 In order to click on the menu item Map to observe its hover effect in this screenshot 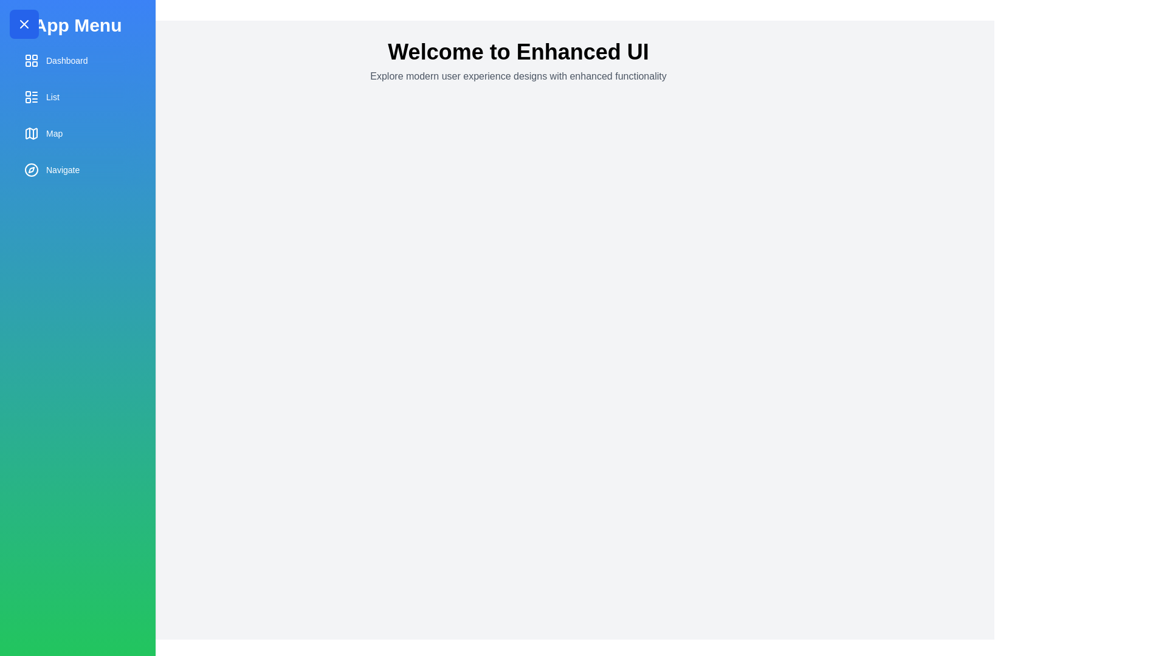, I will do `click(77, 133)`.